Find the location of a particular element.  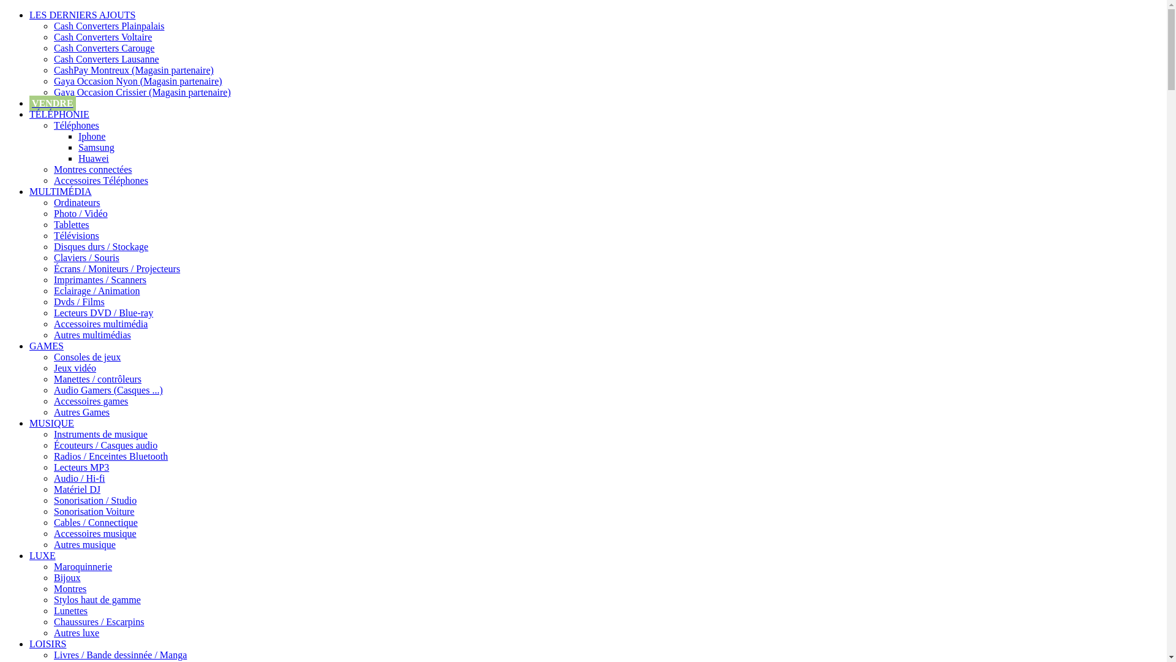

'LOISIRS' is located at coordinates (47, 643).